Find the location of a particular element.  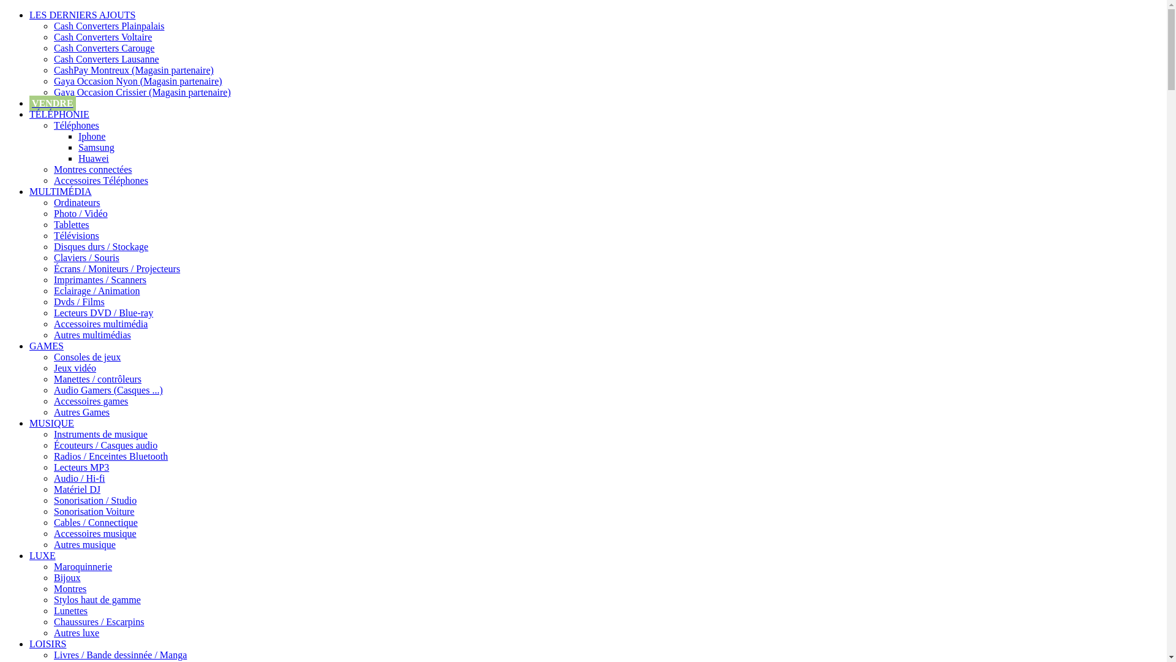

'LOISIRS' is located at coordinates (47, 643).